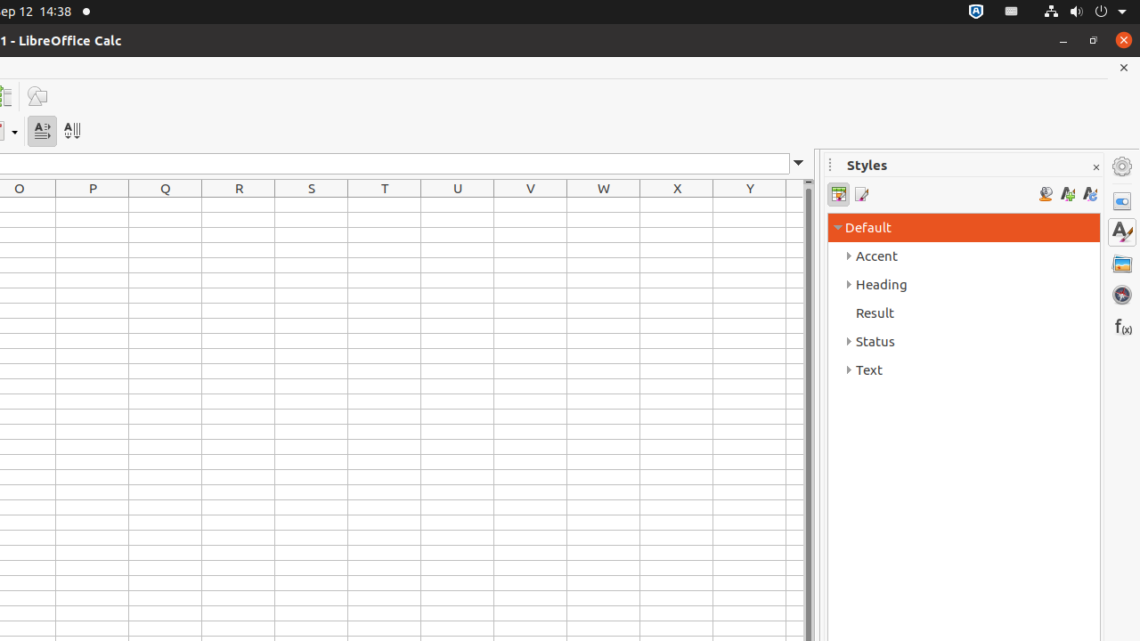 Image resolution: width=1140 pixels, height=641 pixels. Describe the element at coordinates (837, 194) in the screenshot. I see `'Cell Styles'` at that location.